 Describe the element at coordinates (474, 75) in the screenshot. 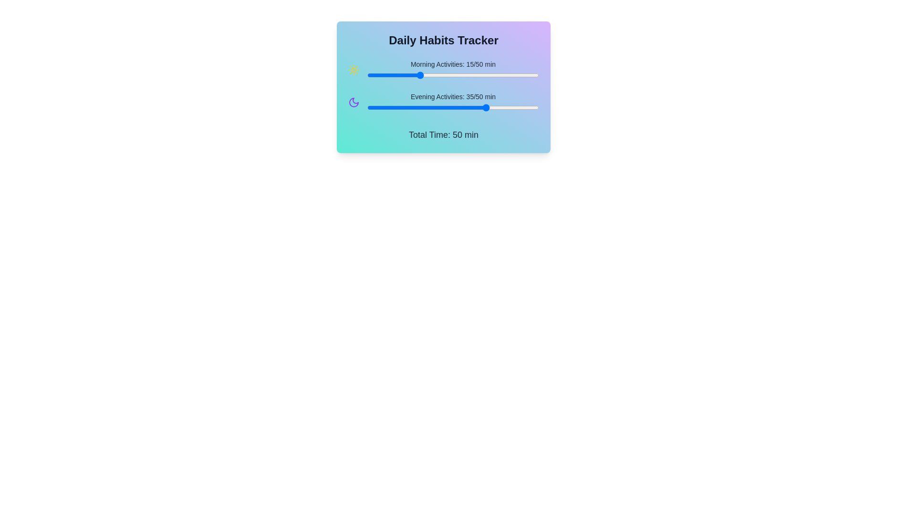

I see `the 'Morning Activities' slider` at that location.